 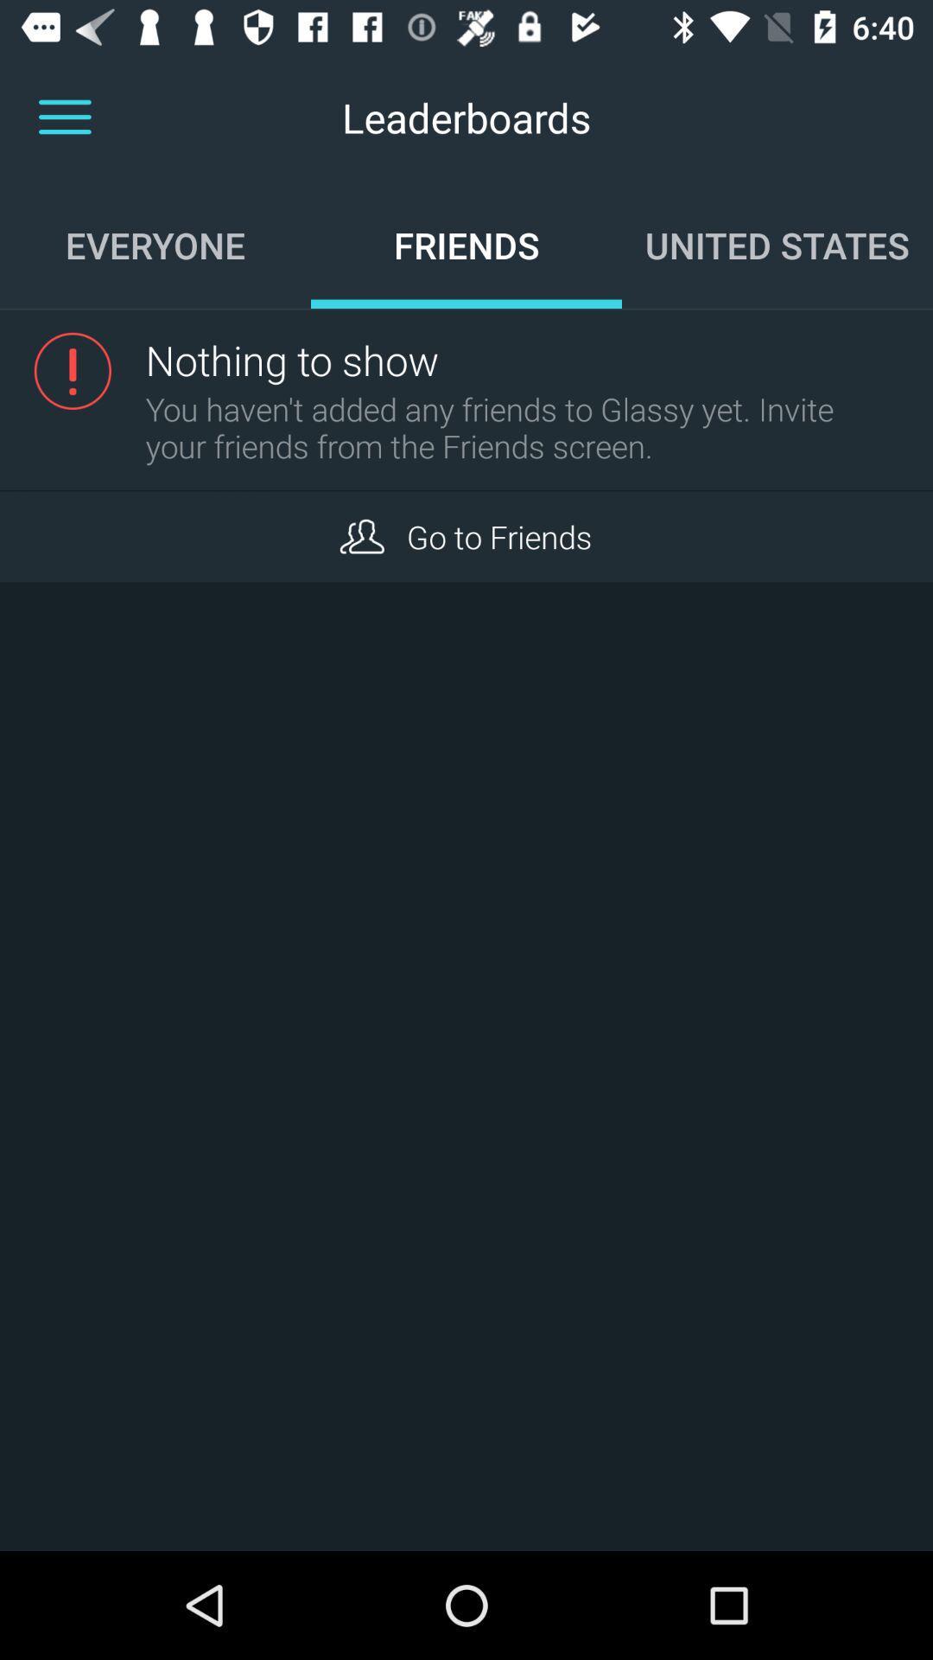 What do you see at coordinates (64, 117) in the screenshot?
I see `menu` at bounding box center [64, 117].